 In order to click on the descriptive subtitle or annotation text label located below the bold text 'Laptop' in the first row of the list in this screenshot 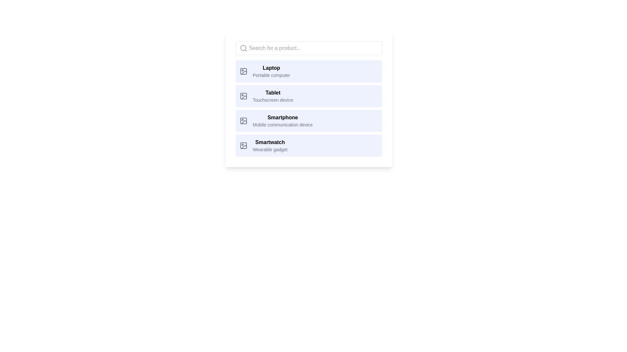, I will do `click(271, 75)`.